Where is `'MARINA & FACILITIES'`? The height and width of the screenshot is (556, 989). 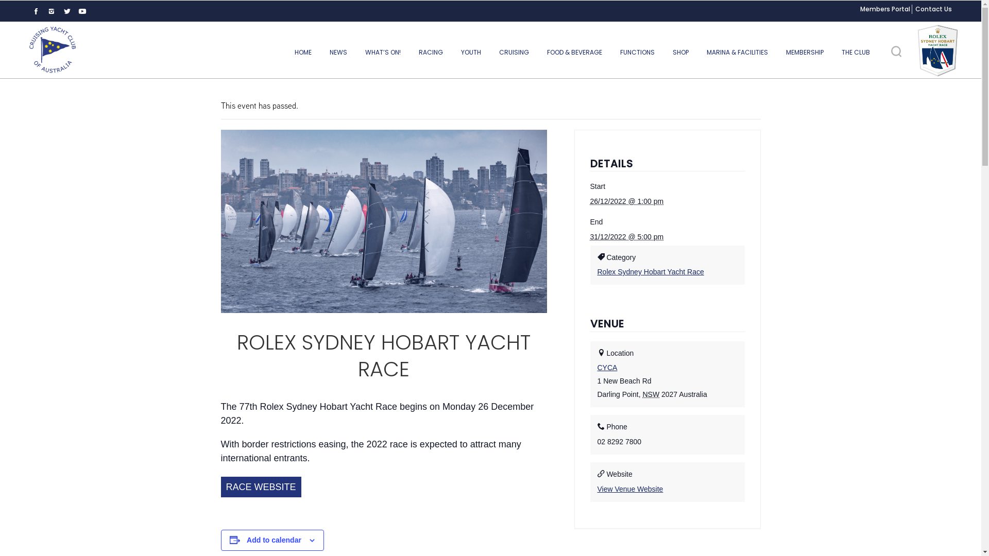 'MARINA & FACILITIES' is located at coordinates (698, 52).